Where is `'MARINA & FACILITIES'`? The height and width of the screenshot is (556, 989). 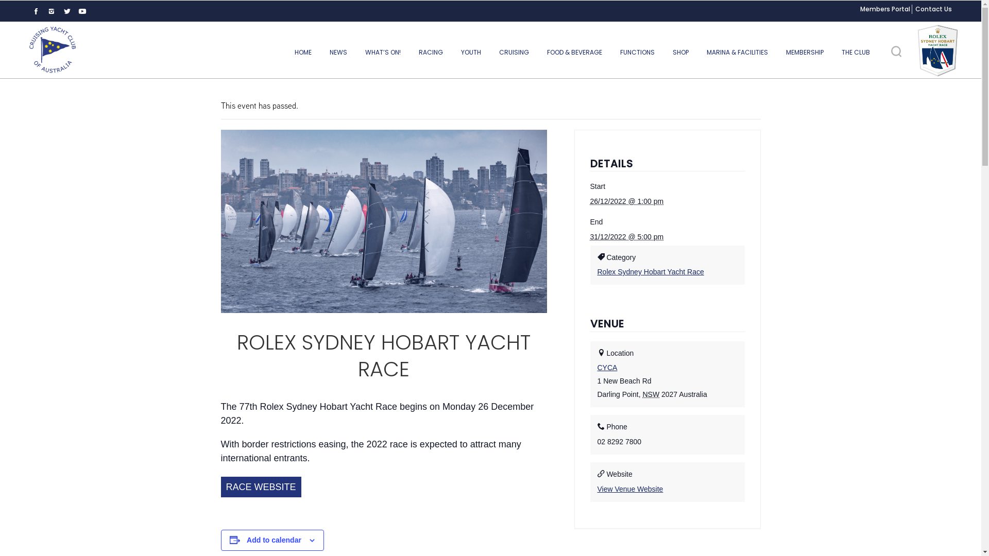 'MARINA & FACILITIES' is located at coordinates (698, 52).